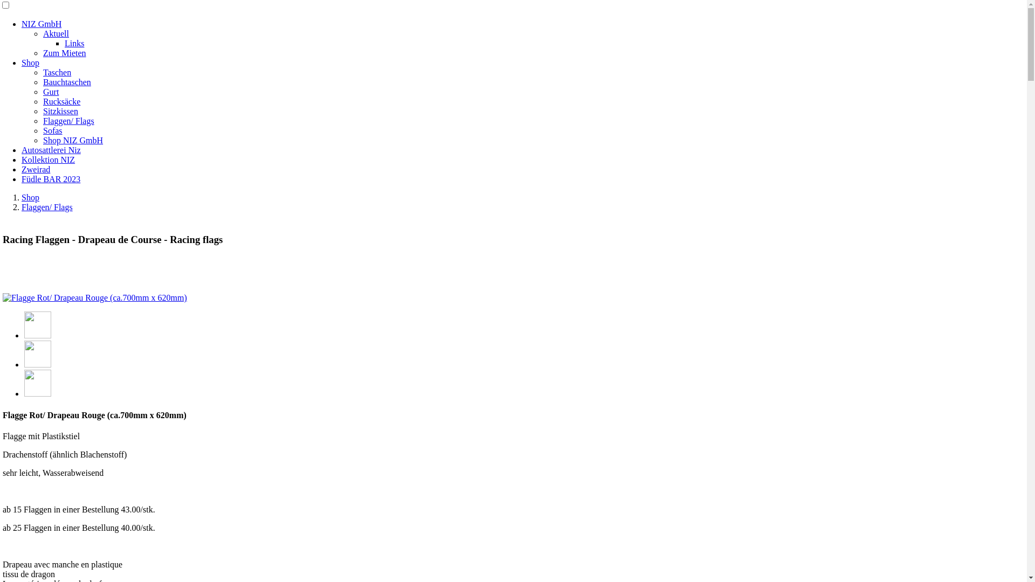  Describe the element at coordinates (74, 43) in the screenshot. I see `'Links'` at that location.